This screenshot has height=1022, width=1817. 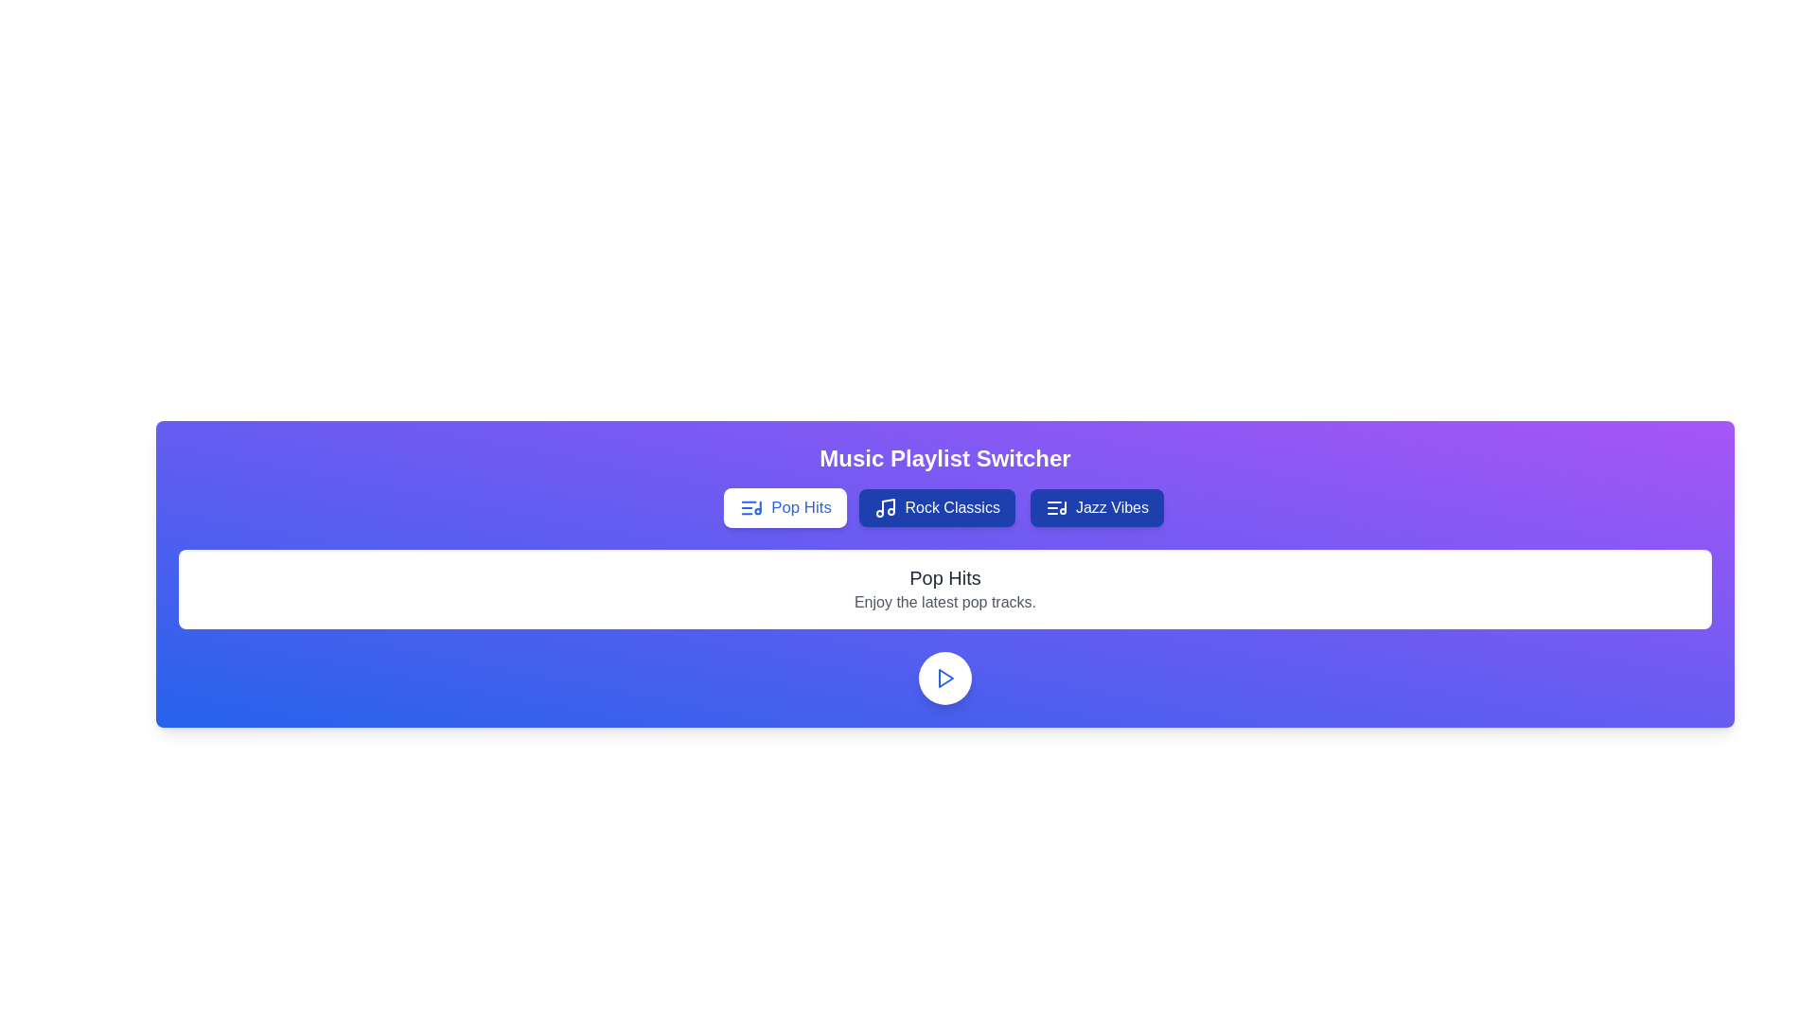 I want to click on the circular button with a white background and blue border, featuring a blue play icon, to initiate an action, so click(x=944, y=678).